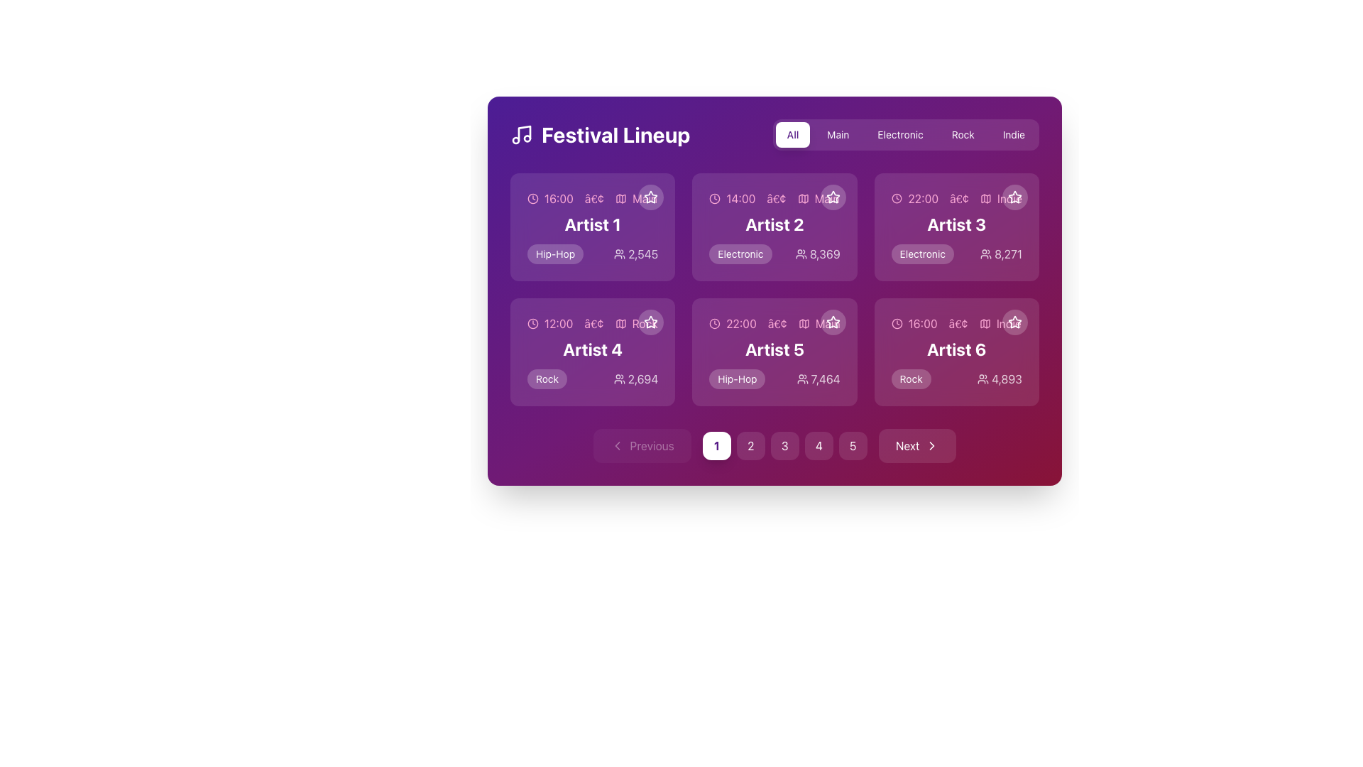 This screenshot has width=1363, height=767. What do you see at coordinates (833, 322) in the screenshot?
I see `the star-shaped icon inside the circular button in the top-right corner of the card representing 'Artist 5' to mark the artist as favorite` at bounding box center [833, 322].